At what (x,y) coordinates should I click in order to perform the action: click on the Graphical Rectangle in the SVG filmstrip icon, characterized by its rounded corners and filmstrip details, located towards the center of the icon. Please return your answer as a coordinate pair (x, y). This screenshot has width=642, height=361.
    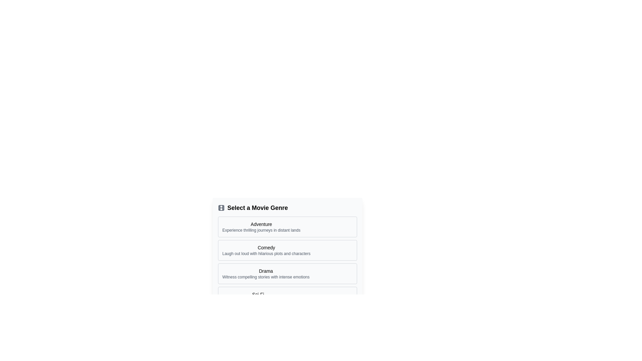
    Looking at the image, I should click on (221, 207).